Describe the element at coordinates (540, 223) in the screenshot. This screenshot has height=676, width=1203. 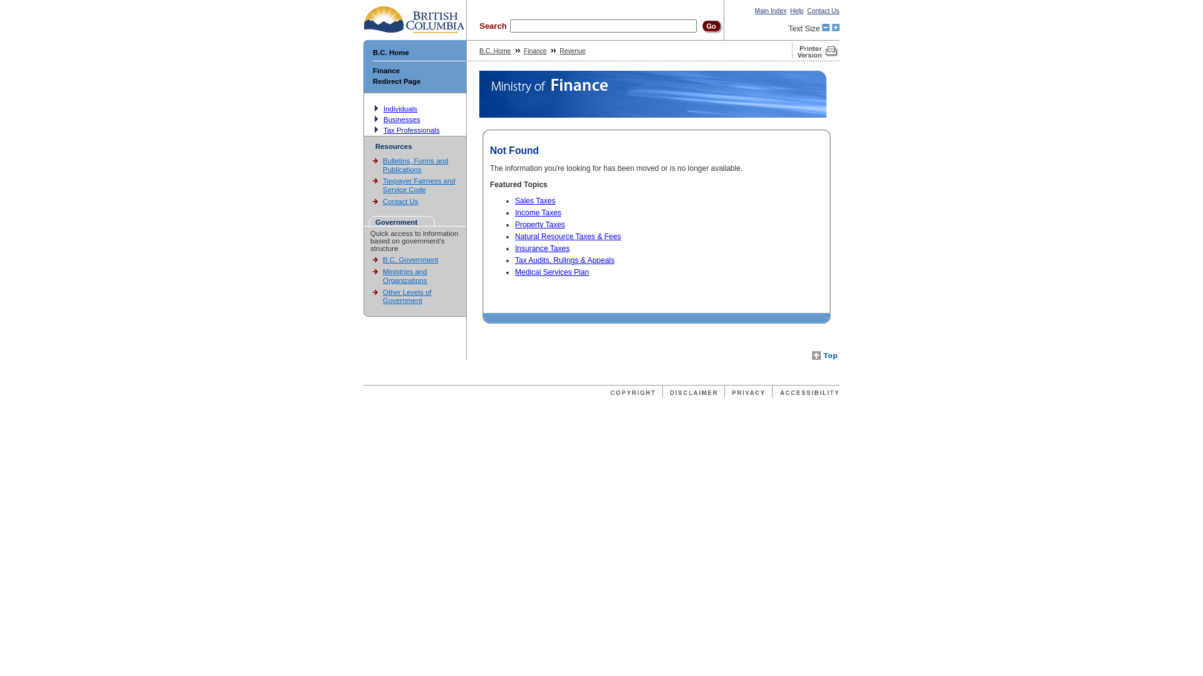
I see `'Property Taxes'` at that location.